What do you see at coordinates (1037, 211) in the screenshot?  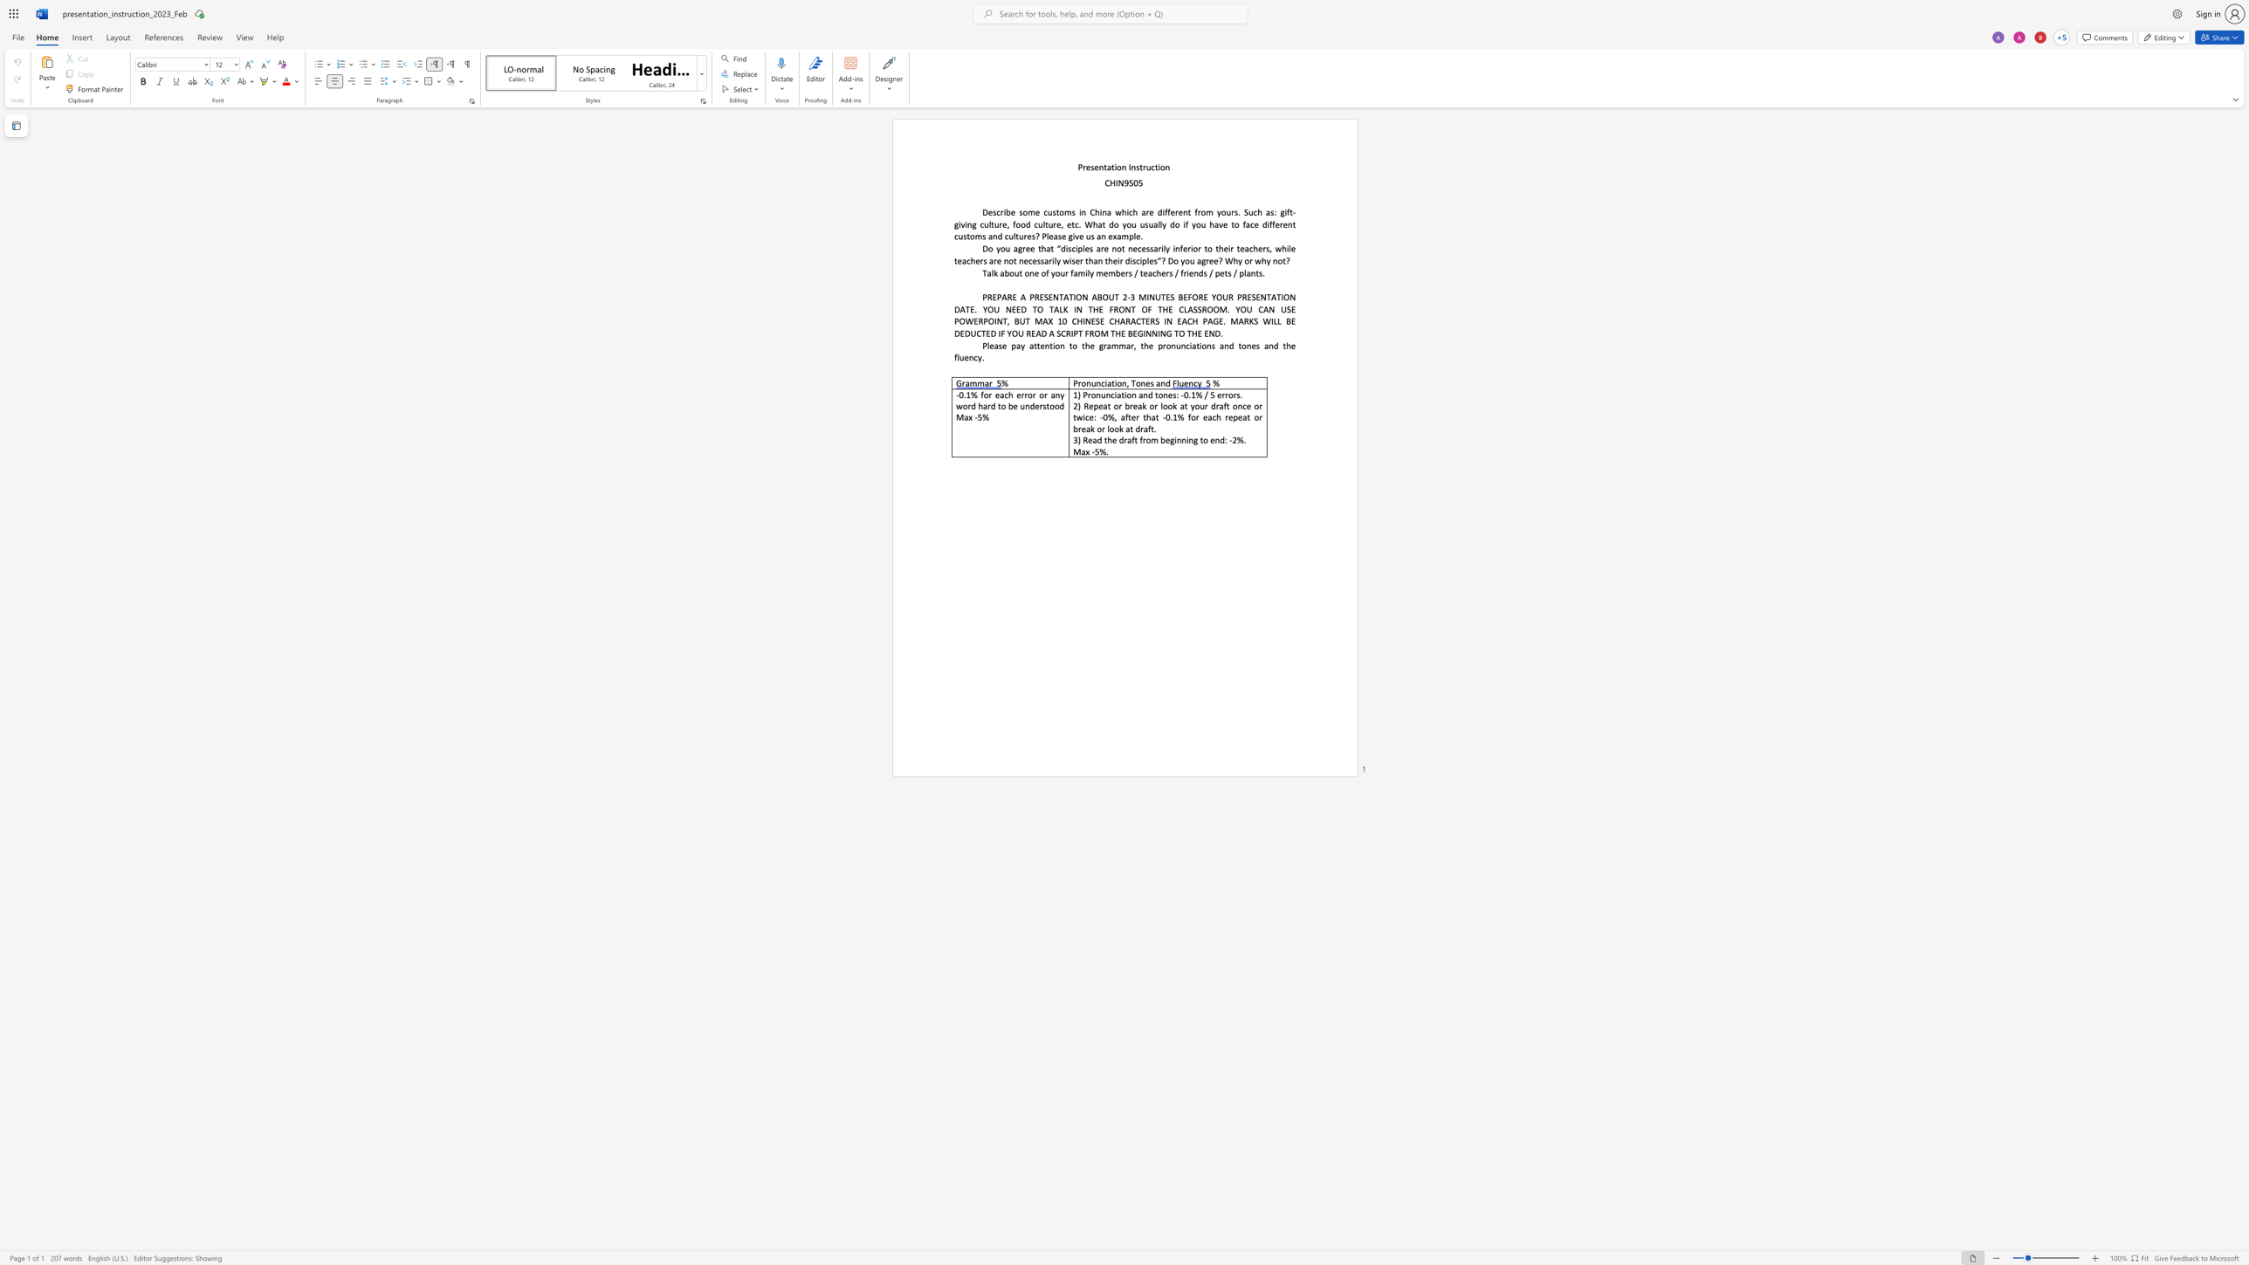 I see `the 3th character "e" in the text` at bounding box center [1037, 211].